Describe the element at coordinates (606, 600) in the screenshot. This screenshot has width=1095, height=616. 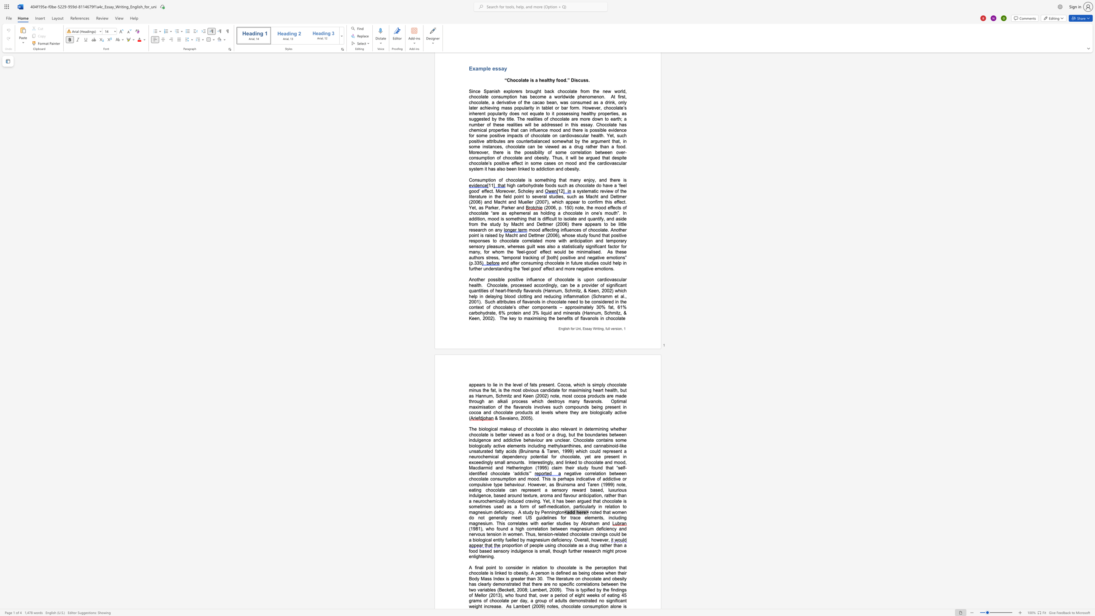
I see `the subset text "significant weight incre" within the text "no significant weight increase"` at that location.